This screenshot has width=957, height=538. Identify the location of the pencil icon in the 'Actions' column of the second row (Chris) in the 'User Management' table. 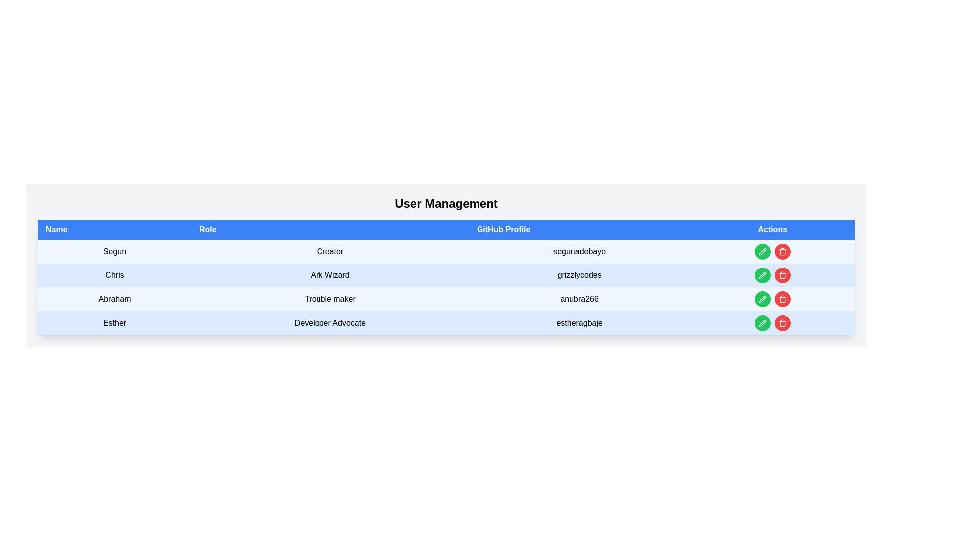
(762, 251).